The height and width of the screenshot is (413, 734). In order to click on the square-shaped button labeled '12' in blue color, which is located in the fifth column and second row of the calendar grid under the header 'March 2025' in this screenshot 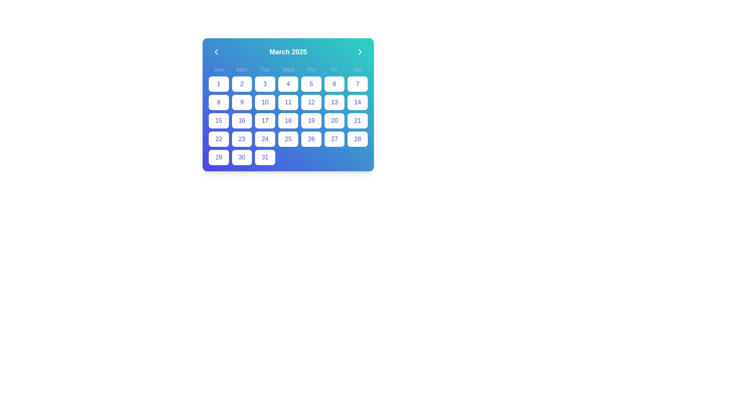, I will do `click(311, 102)`.